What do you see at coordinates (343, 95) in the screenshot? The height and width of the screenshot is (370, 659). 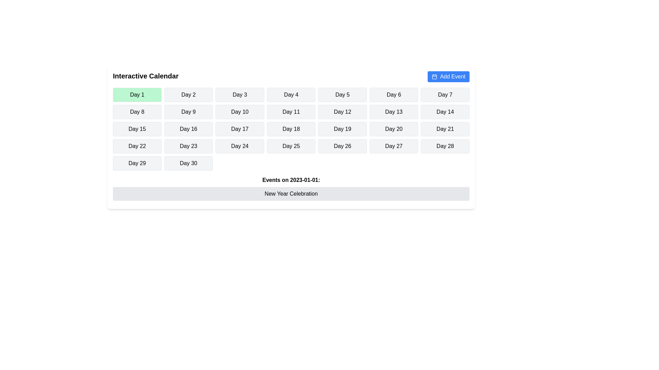 I see `the 'Day 5' button in the interactive calendar` at bounding box center [343, 95].